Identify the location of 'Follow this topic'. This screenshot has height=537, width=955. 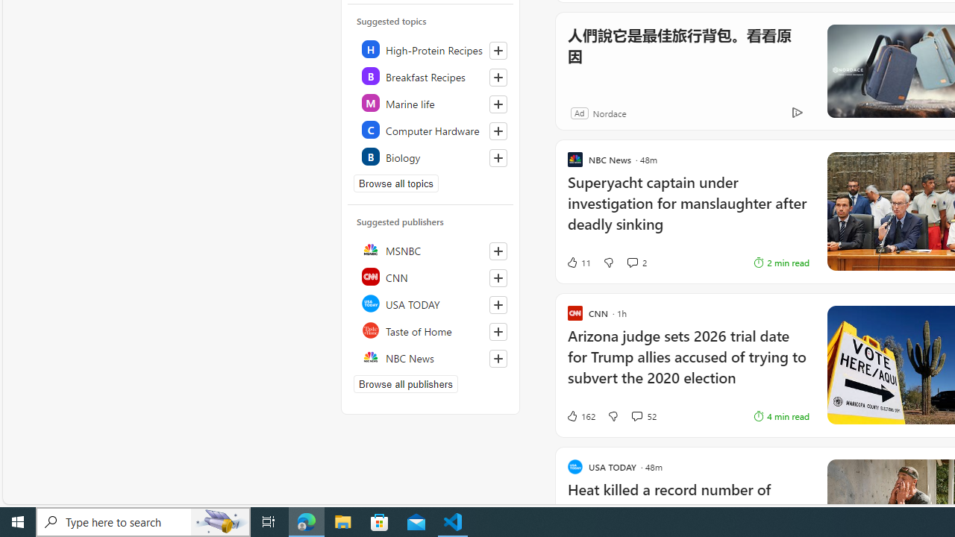
(498, 158).